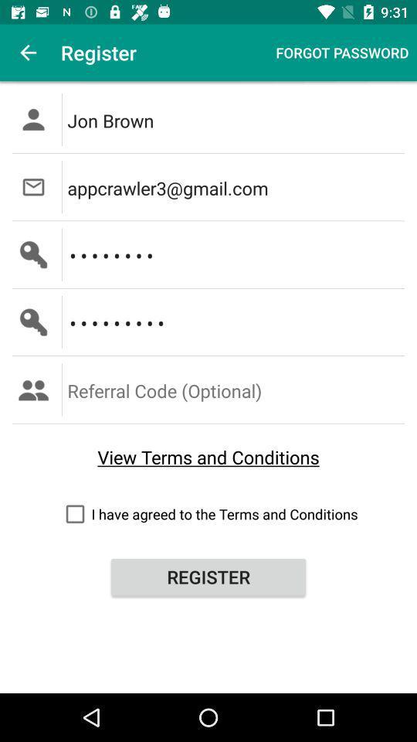 The image size is (417, 742). What do you see at coordinates (342, 53) in the screenshot?
I see `item to the right of register` at bounding box center [342, 53].